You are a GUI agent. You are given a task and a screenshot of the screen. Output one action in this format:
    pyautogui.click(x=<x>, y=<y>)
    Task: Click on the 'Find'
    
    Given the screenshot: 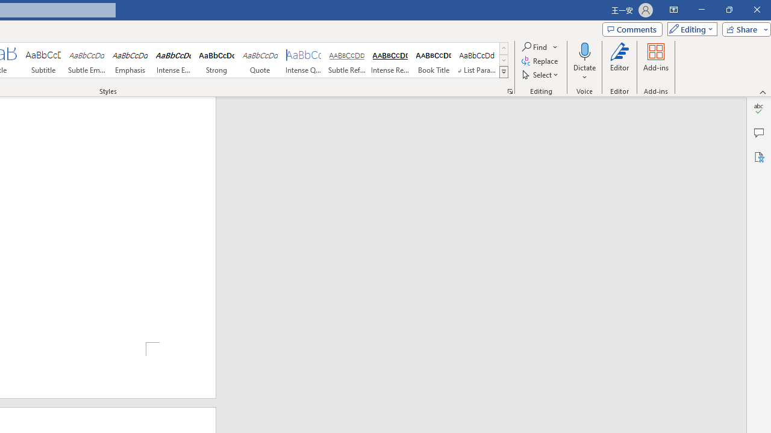 What is the action you would take?
    pyautogui.click(x=534, y=46)
    